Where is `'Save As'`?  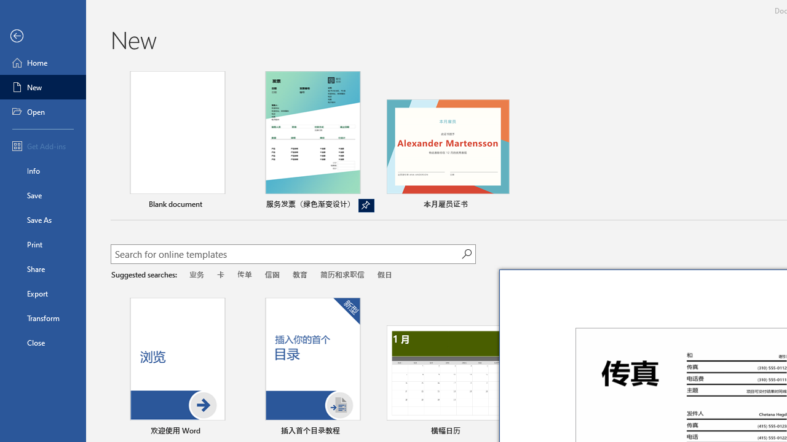 'Save As' is located at coordinates (42, 219).